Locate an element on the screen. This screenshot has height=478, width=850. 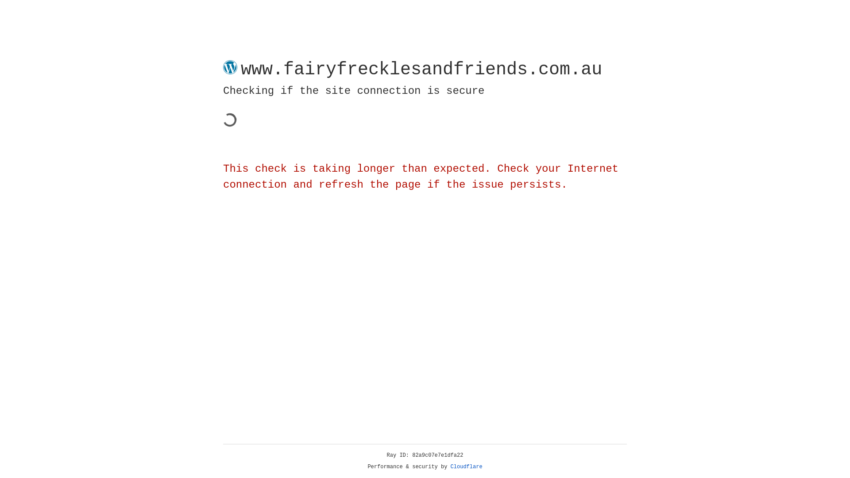
'Cloudflare' is located at coordinates (466, 466).